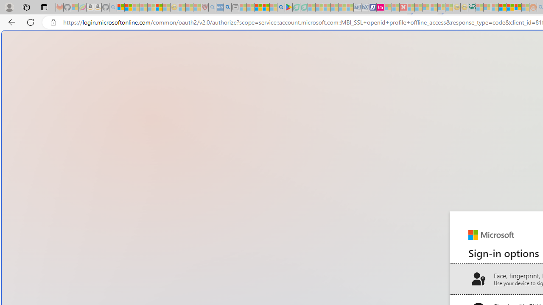 The height and width of the screenshot is (305, 543). Describe the element at coordinates (380, 7) in the screenshot. I see `'Jobs - lastminute.com Investor Portal'` at that location.